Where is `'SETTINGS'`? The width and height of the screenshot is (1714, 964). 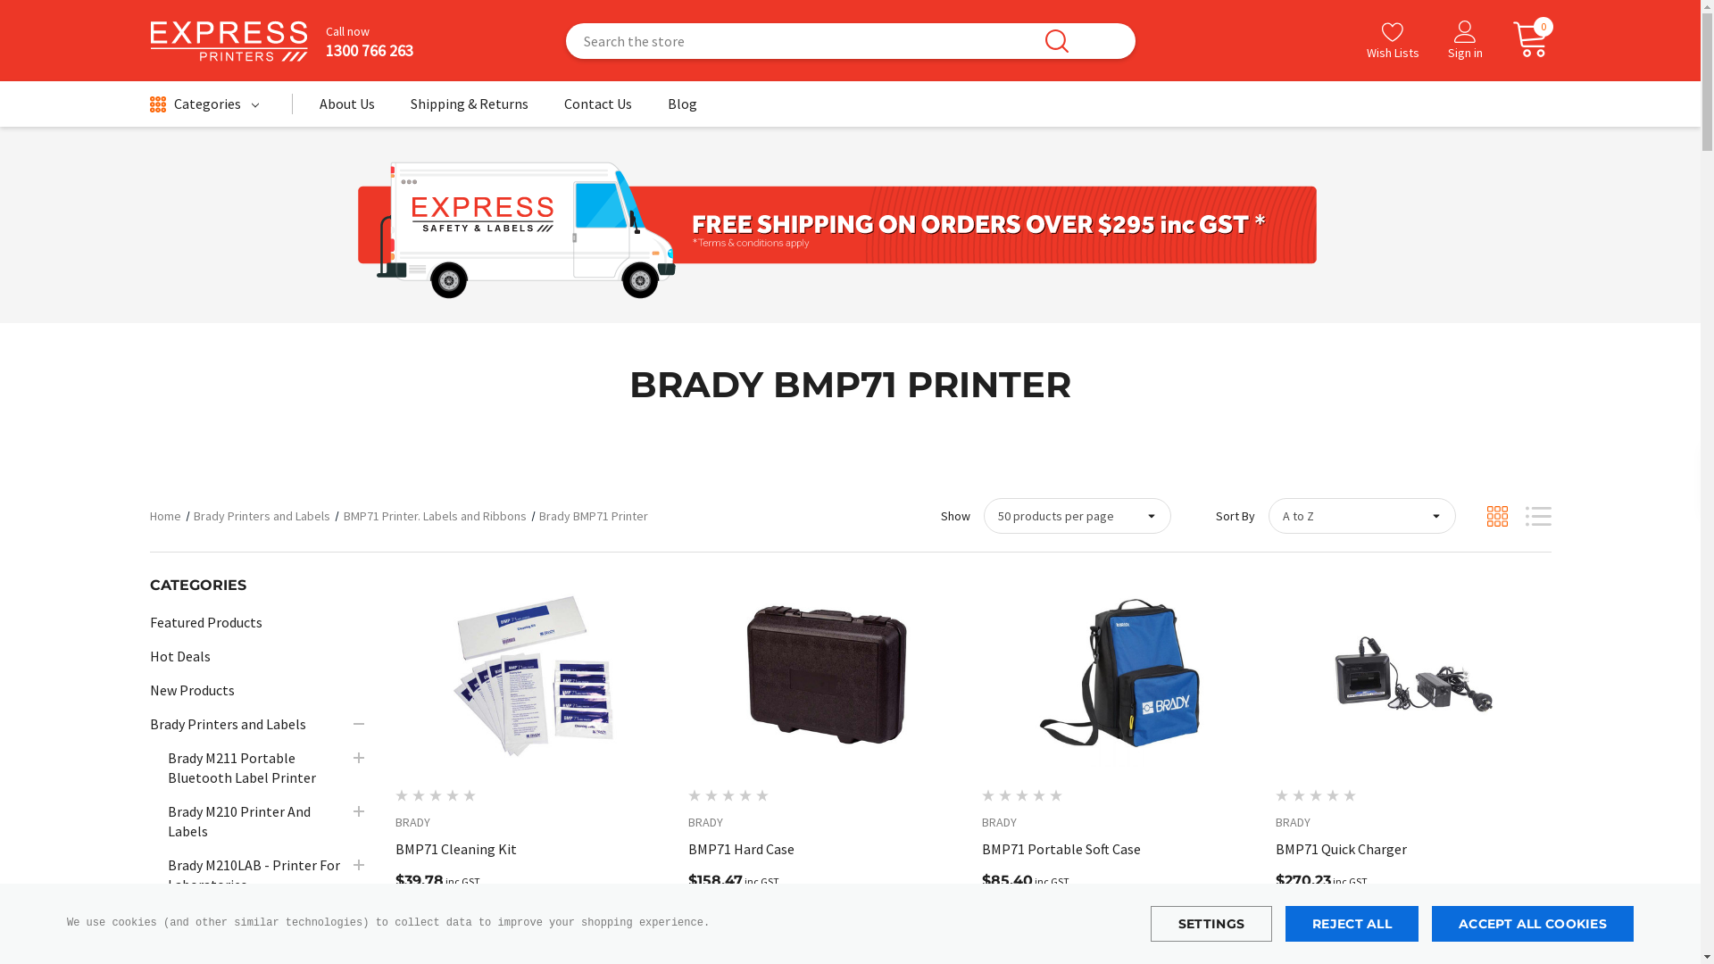 'SETTINGS' is located at coordinates (1211, 923).